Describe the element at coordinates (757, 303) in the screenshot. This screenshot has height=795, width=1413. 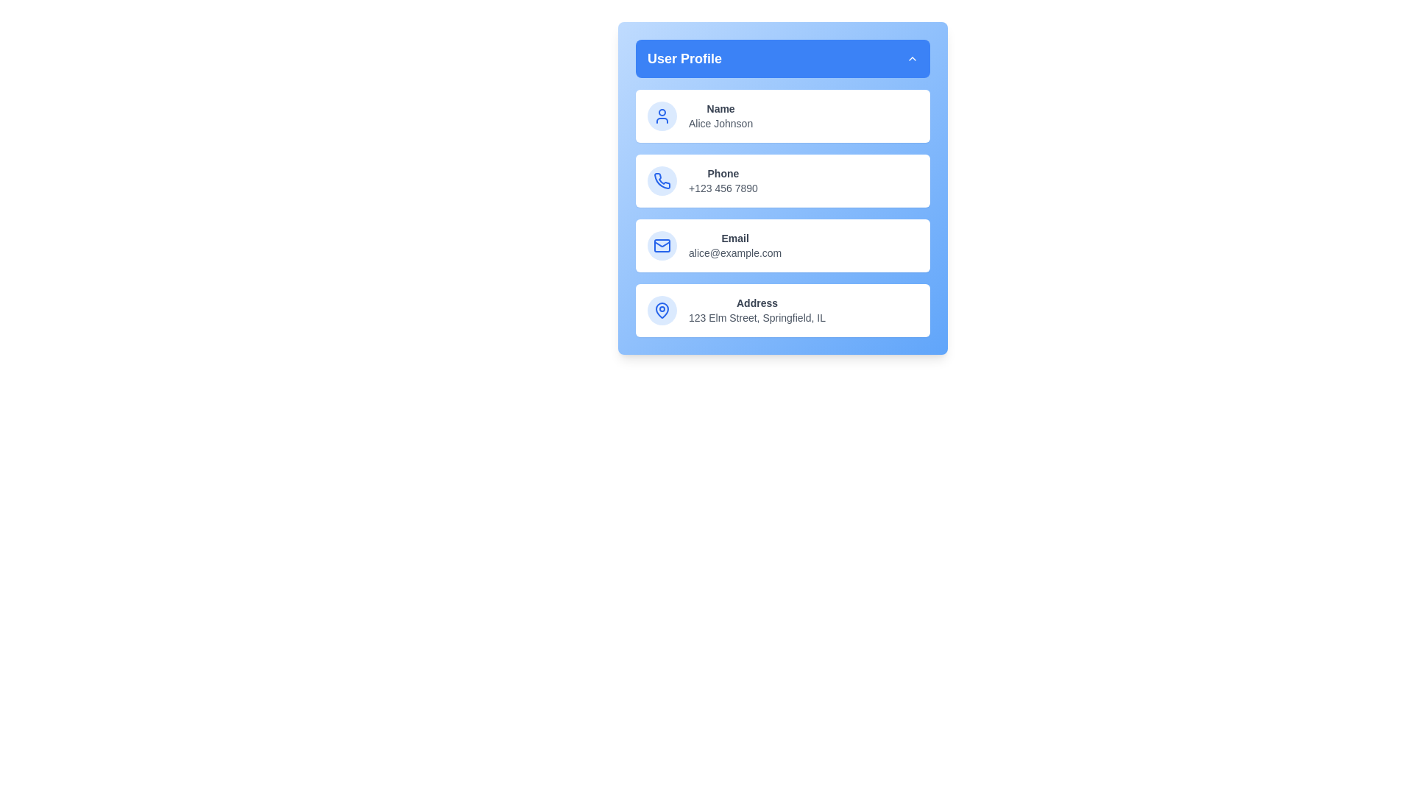
I see `the static text label displaying 'Address' in bold dark grey, located within the user information card, positioned above the address information text` at that location.